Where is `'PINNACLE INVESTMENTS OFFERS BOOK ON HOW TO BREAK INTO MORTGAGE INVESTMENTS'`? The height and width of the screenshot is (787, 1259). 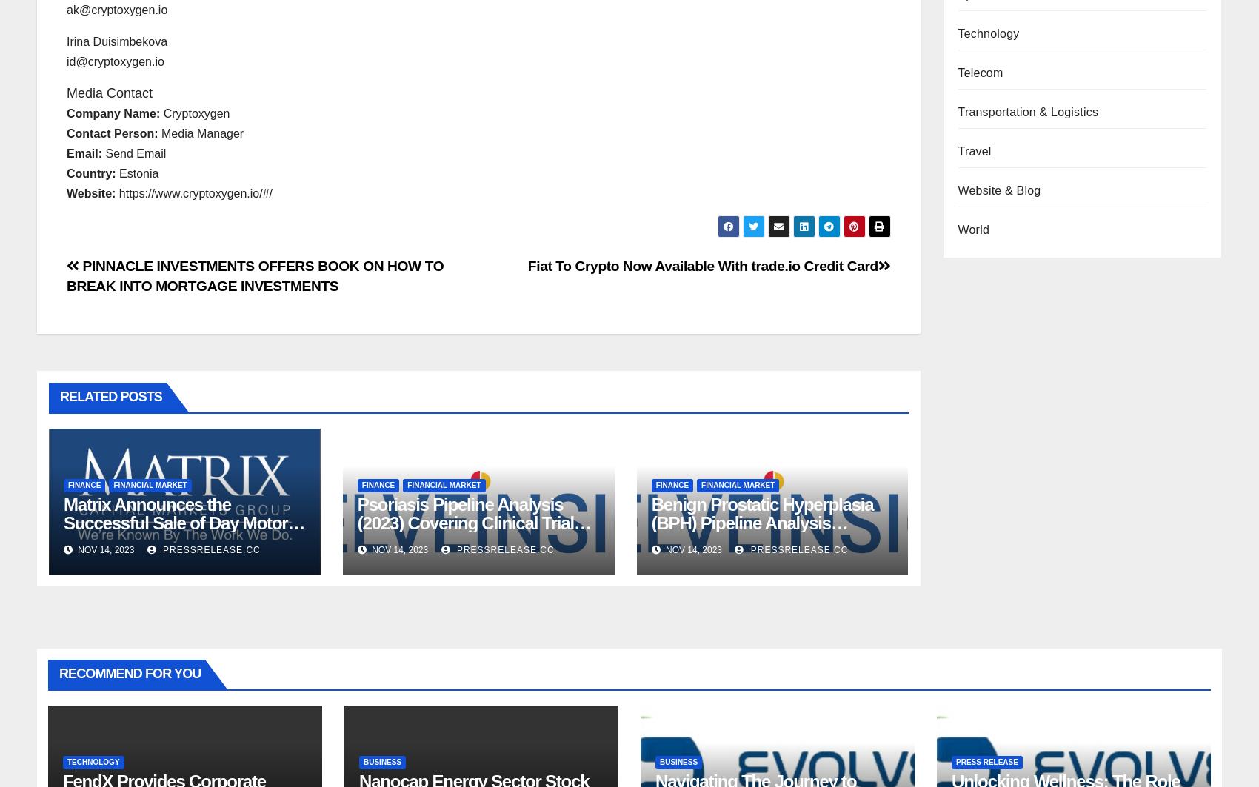
'PINNACLE INVESTMENTS OFFERS BOOK ON HOW TO BREAK INTO MORTGAGE INVESTMENTS' is located at coordinates (254, 275).